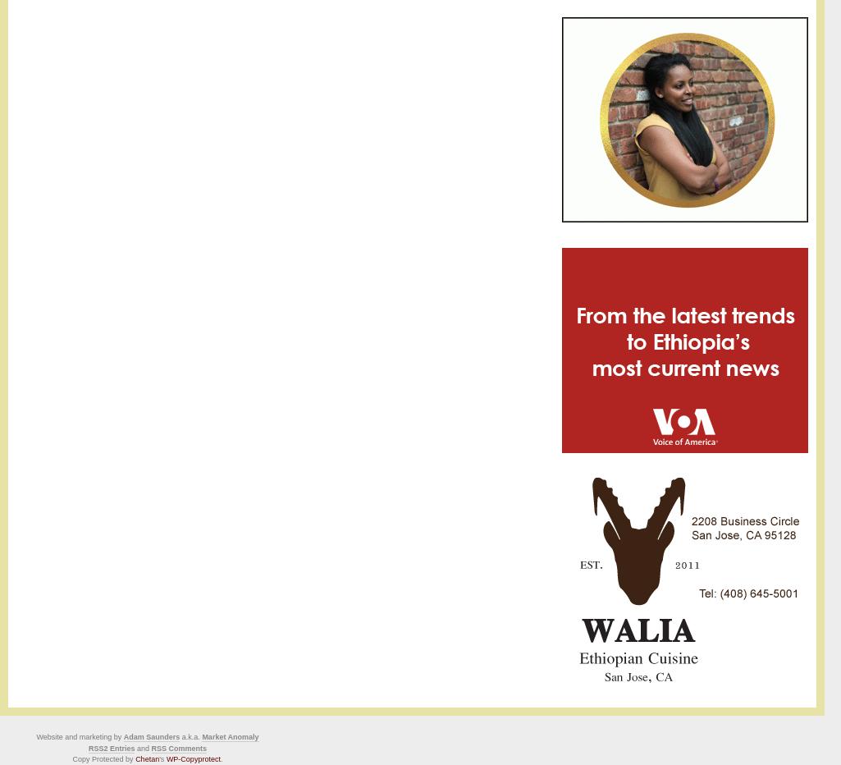  I want to click on 'and', so click(142, 748).